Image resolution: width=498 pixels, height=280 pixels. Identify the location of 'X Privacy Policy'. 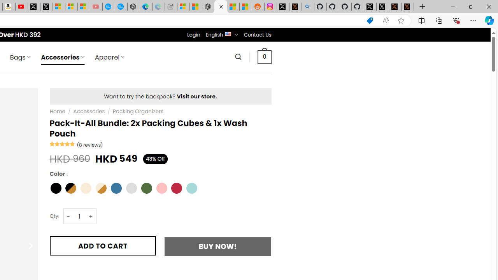
(407, 7).